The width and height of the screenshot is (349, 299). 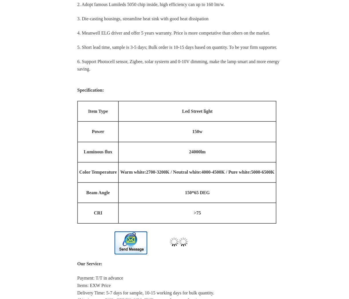 I want to click on 'Payment: T/T in advance', so click(x=77, y=277).